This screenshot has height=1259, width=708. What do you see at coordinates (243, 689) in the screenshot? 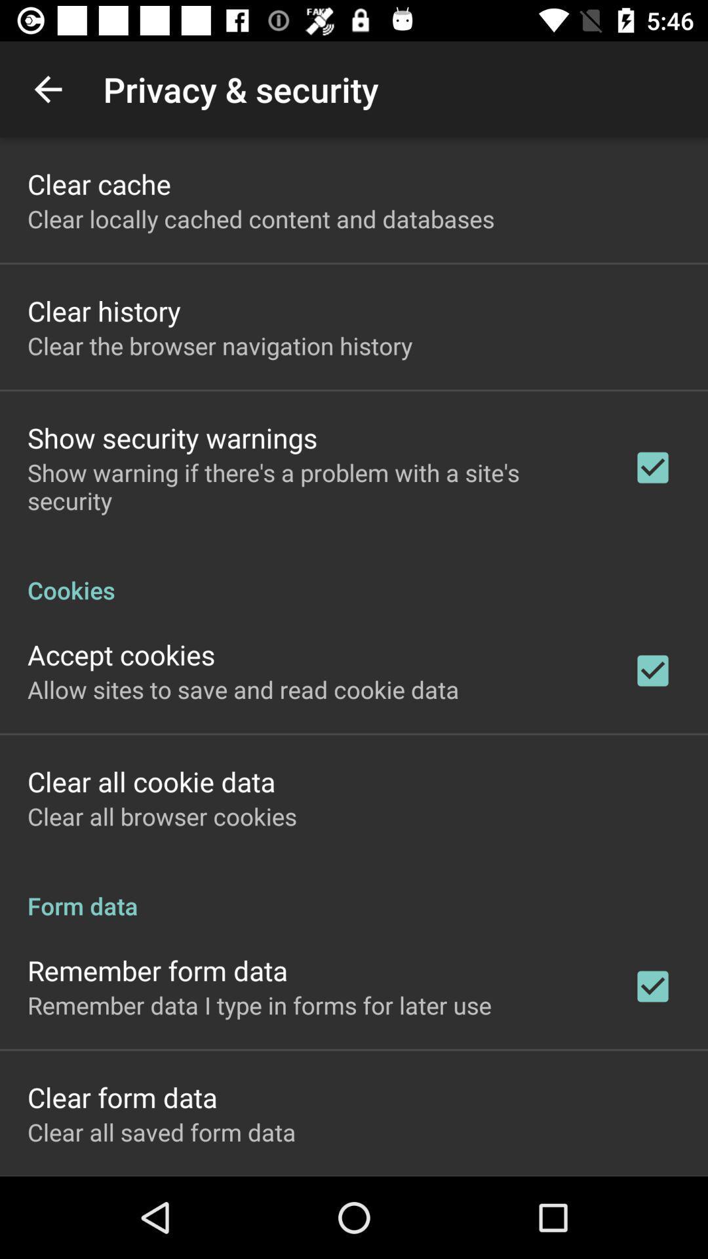
I see `the item above clear all cookie item` at bounding box center [243, 689].